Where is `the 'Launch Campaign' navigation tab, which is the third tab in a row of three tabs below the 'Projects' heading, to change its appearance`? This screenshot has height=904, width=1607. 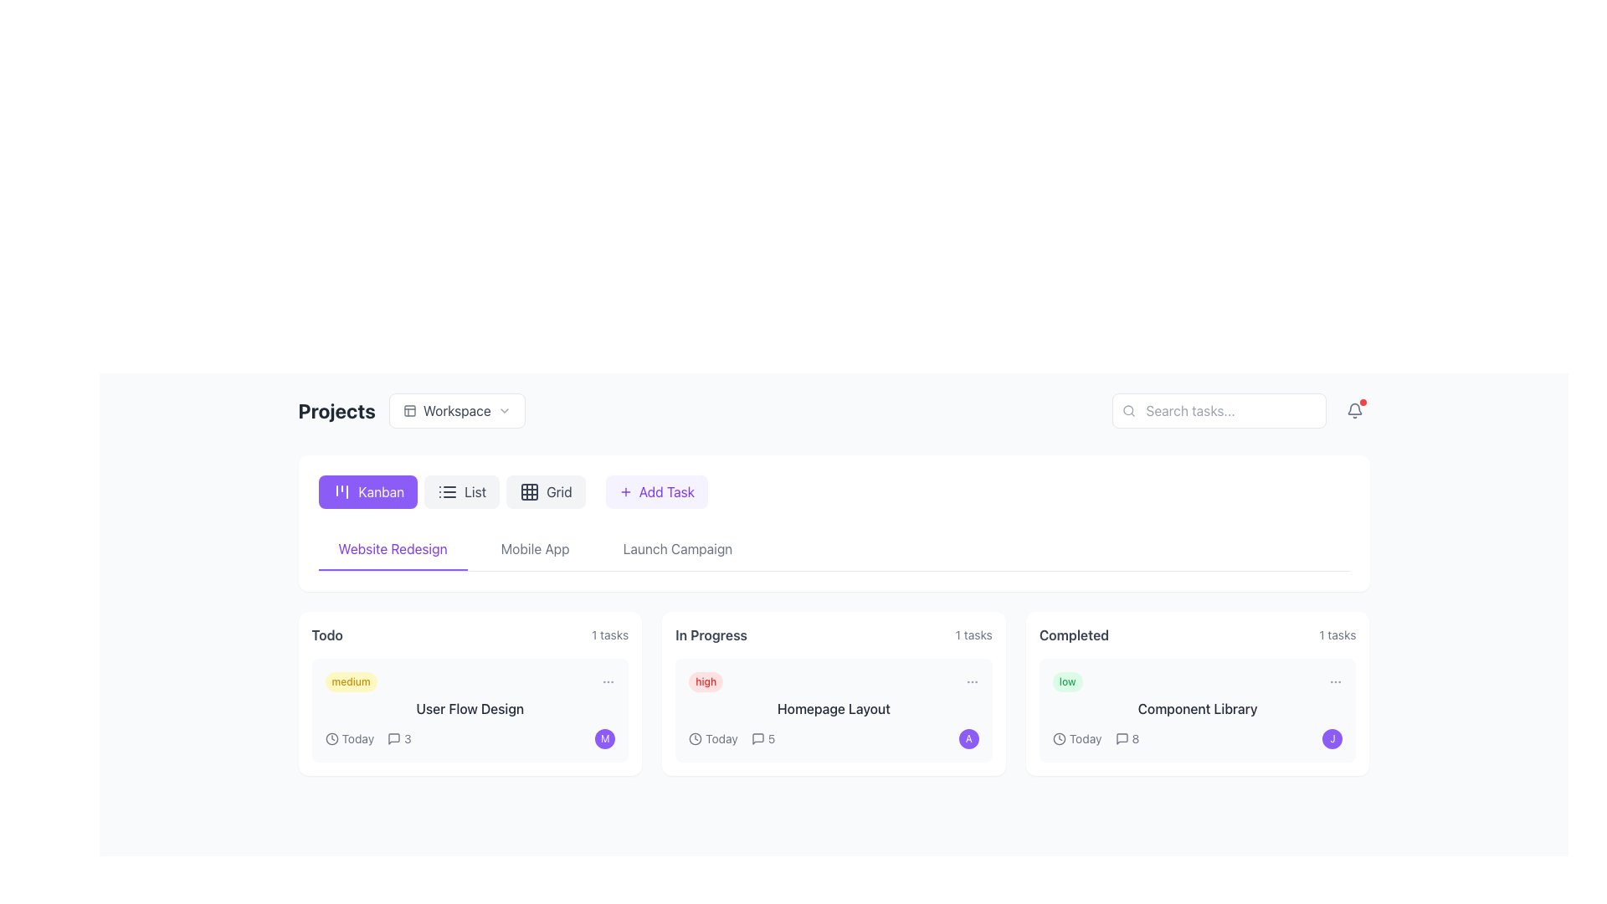 the 'Launch Campaign' navigation tab, which is the third tab in a row of three tabs below the 'Projects' heading, to change its appearance is located at coordinates (678, 549).